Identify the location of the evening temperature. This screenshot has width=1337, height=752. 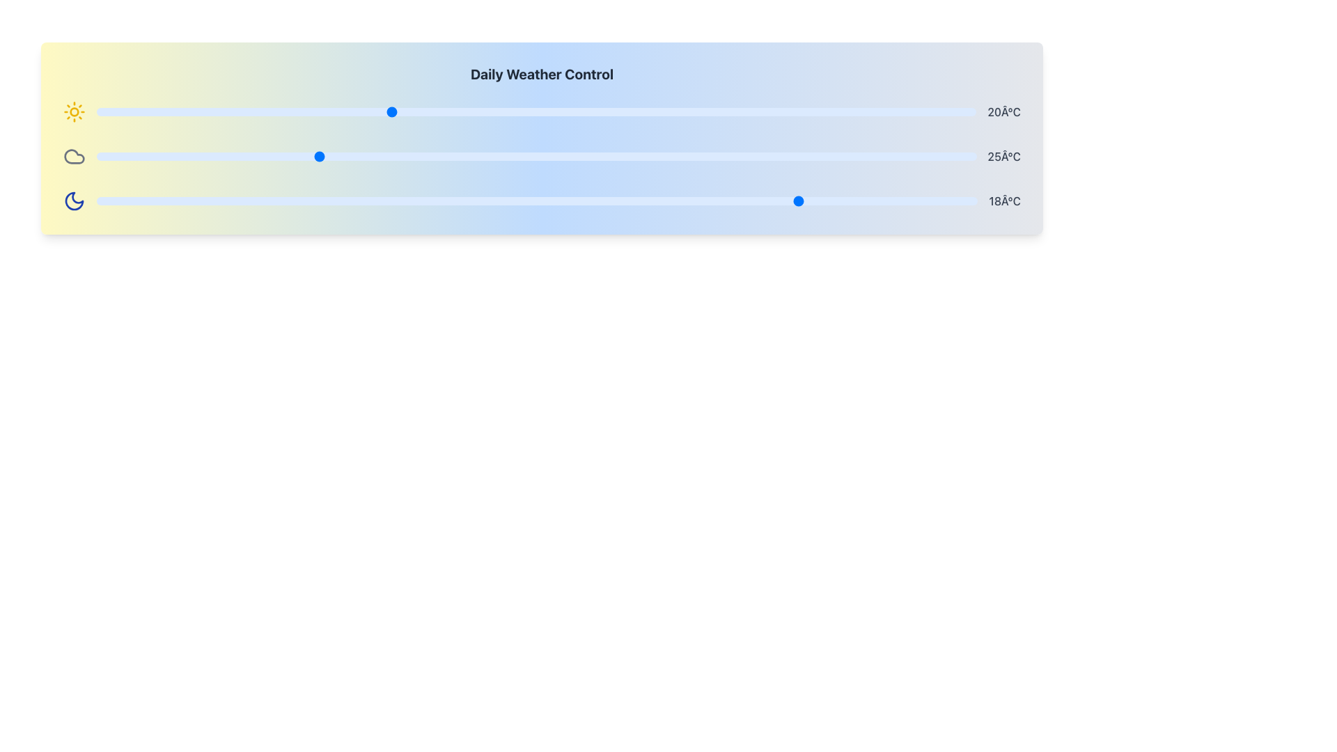
(889, 201).